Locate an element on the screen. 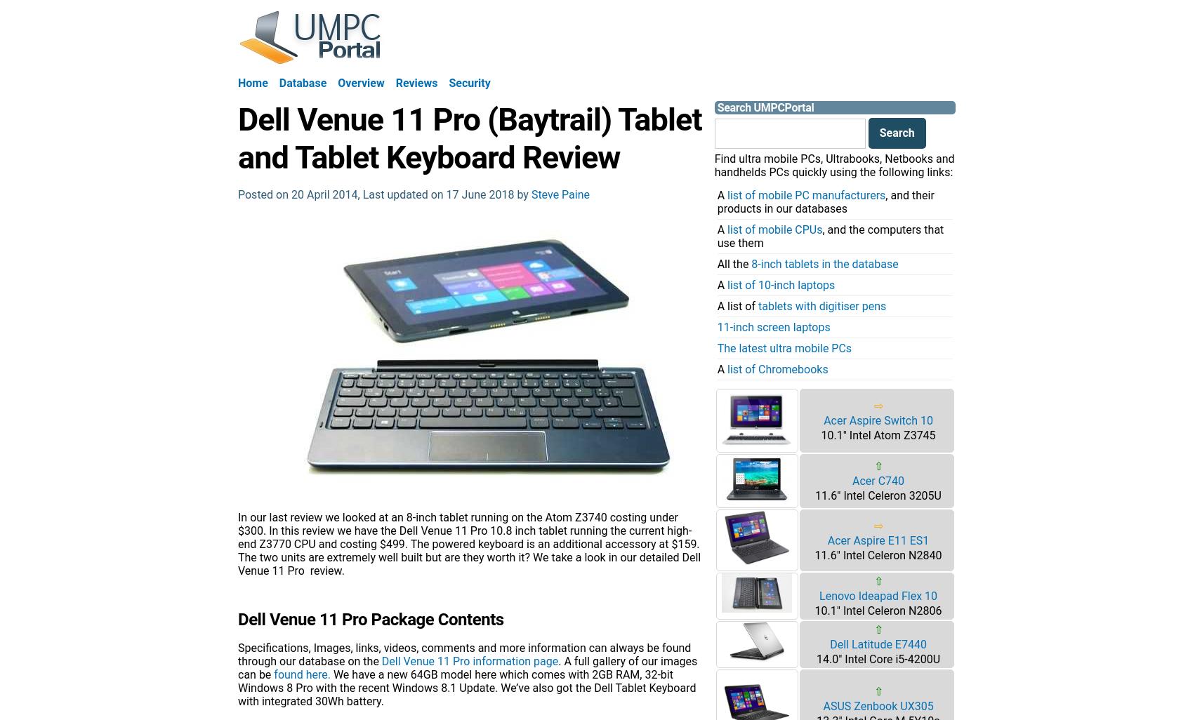 The width and height of the screenshot is (1188, 720). 'We have a new 64GB model here which comes with 2GB RAM, 32-bit Windows 8 Pro with the recent Windows 8.1 Update. We’ve also got the Dell Tablet Keyboard with integrated 30Wh battery.' is located at coordinates (466, 686).